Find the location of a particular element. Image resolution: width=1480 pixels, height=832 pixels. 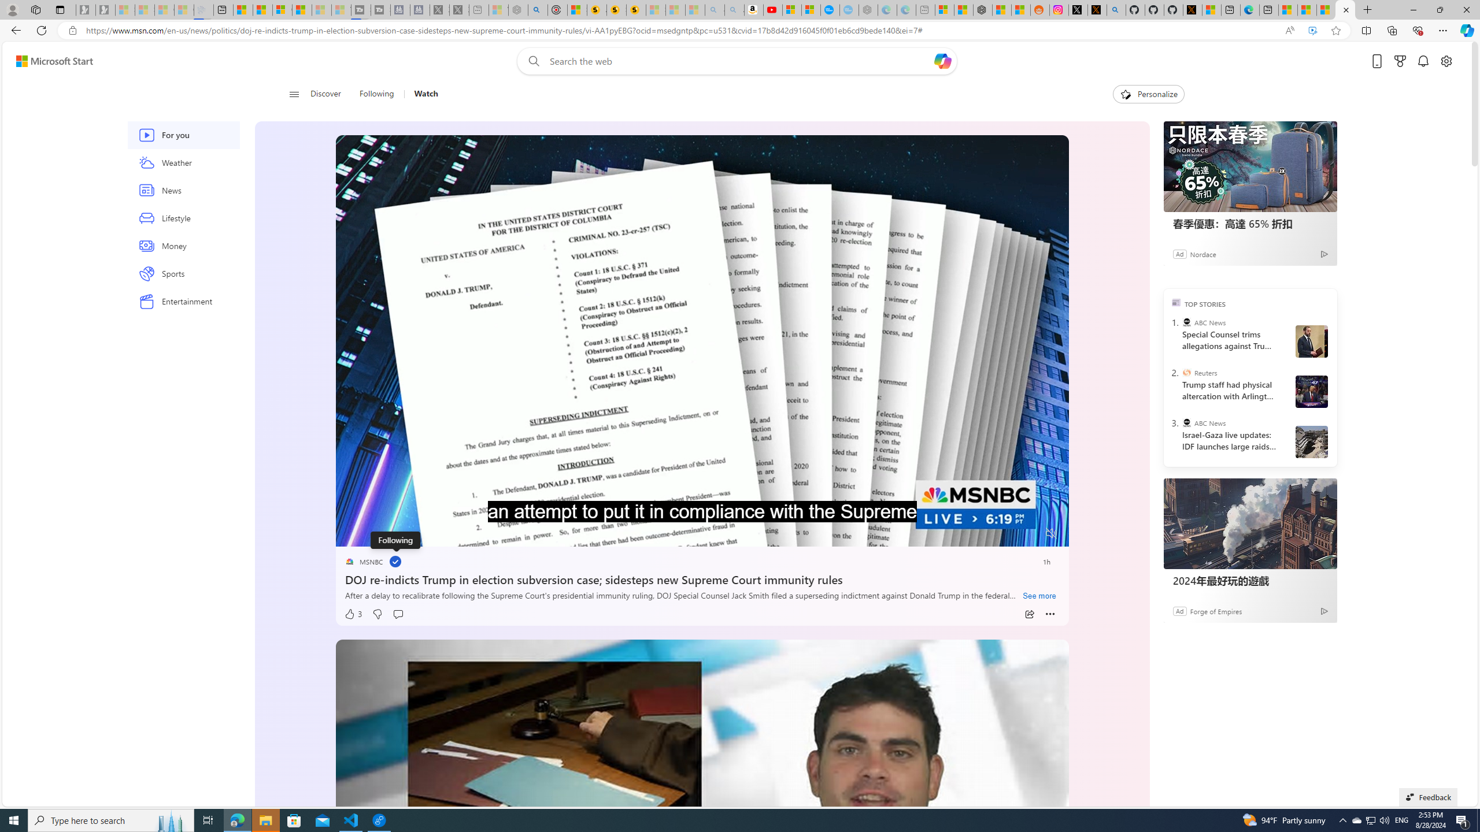

'To get missing image descriptions, open the context menu.' is located at coordinates (1124, 93).